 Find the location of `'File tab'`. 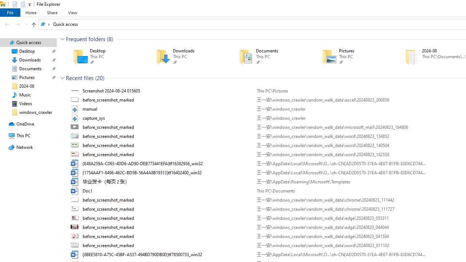

'File tab' is located at coordinates (10, 12).